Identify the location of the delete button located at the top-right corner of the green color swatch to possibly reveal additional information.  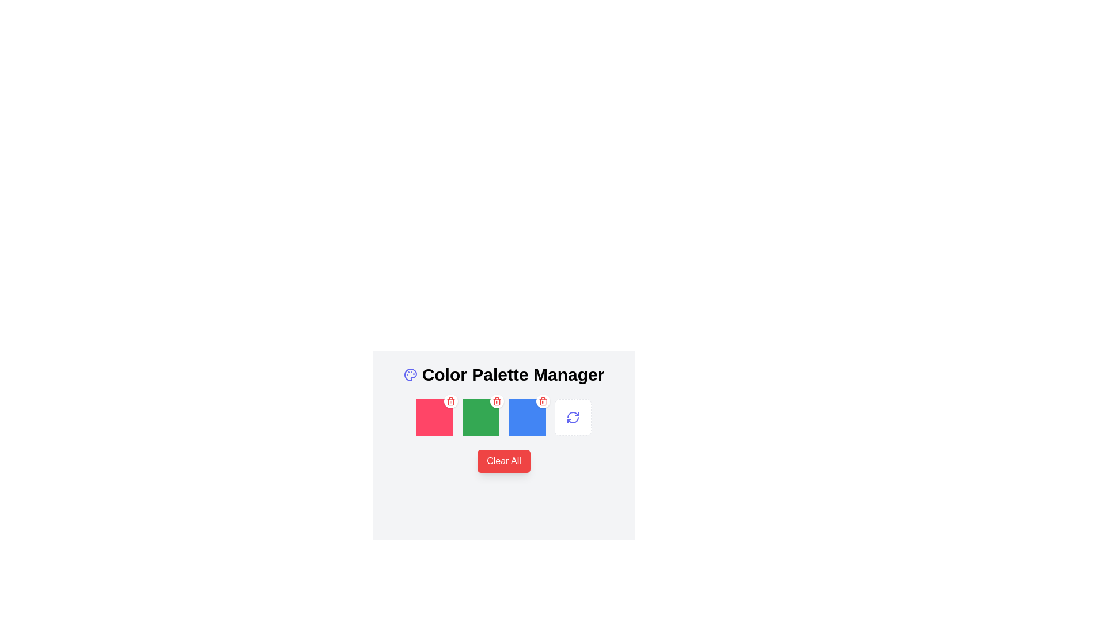
(497, 401).